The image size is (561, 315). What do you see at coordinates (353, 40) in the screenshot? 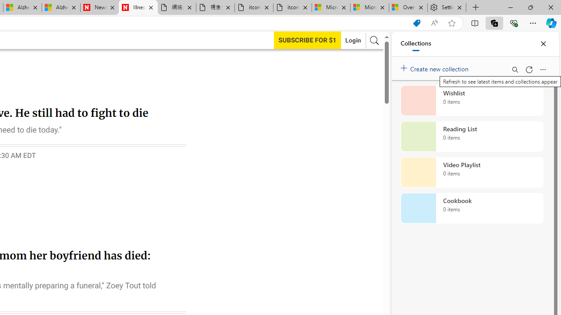
I see `'Login'` at bounding box center [353, 40].